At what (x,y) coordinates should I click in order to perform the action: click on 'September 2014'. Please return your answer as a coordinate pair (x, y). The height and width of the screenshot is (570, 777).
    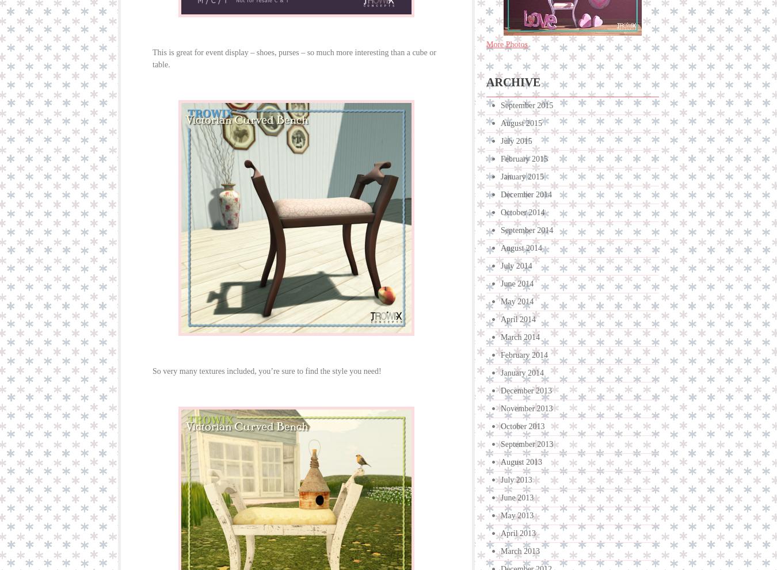
    Looking at the image, I should click on (526, 229).